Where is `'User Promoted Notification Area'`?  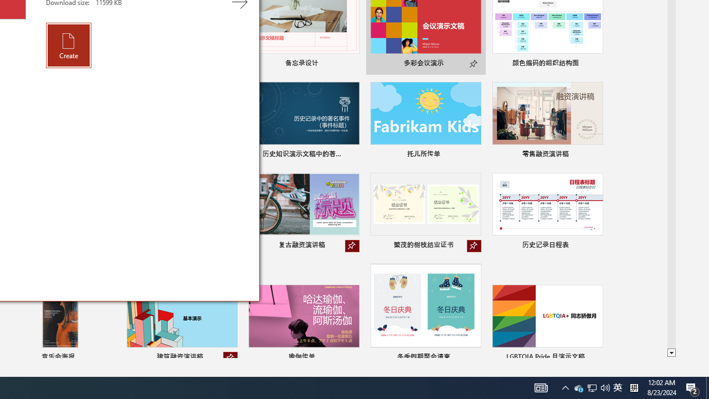
'User Promoted Notification Area' is located at coordinates (592, 387).